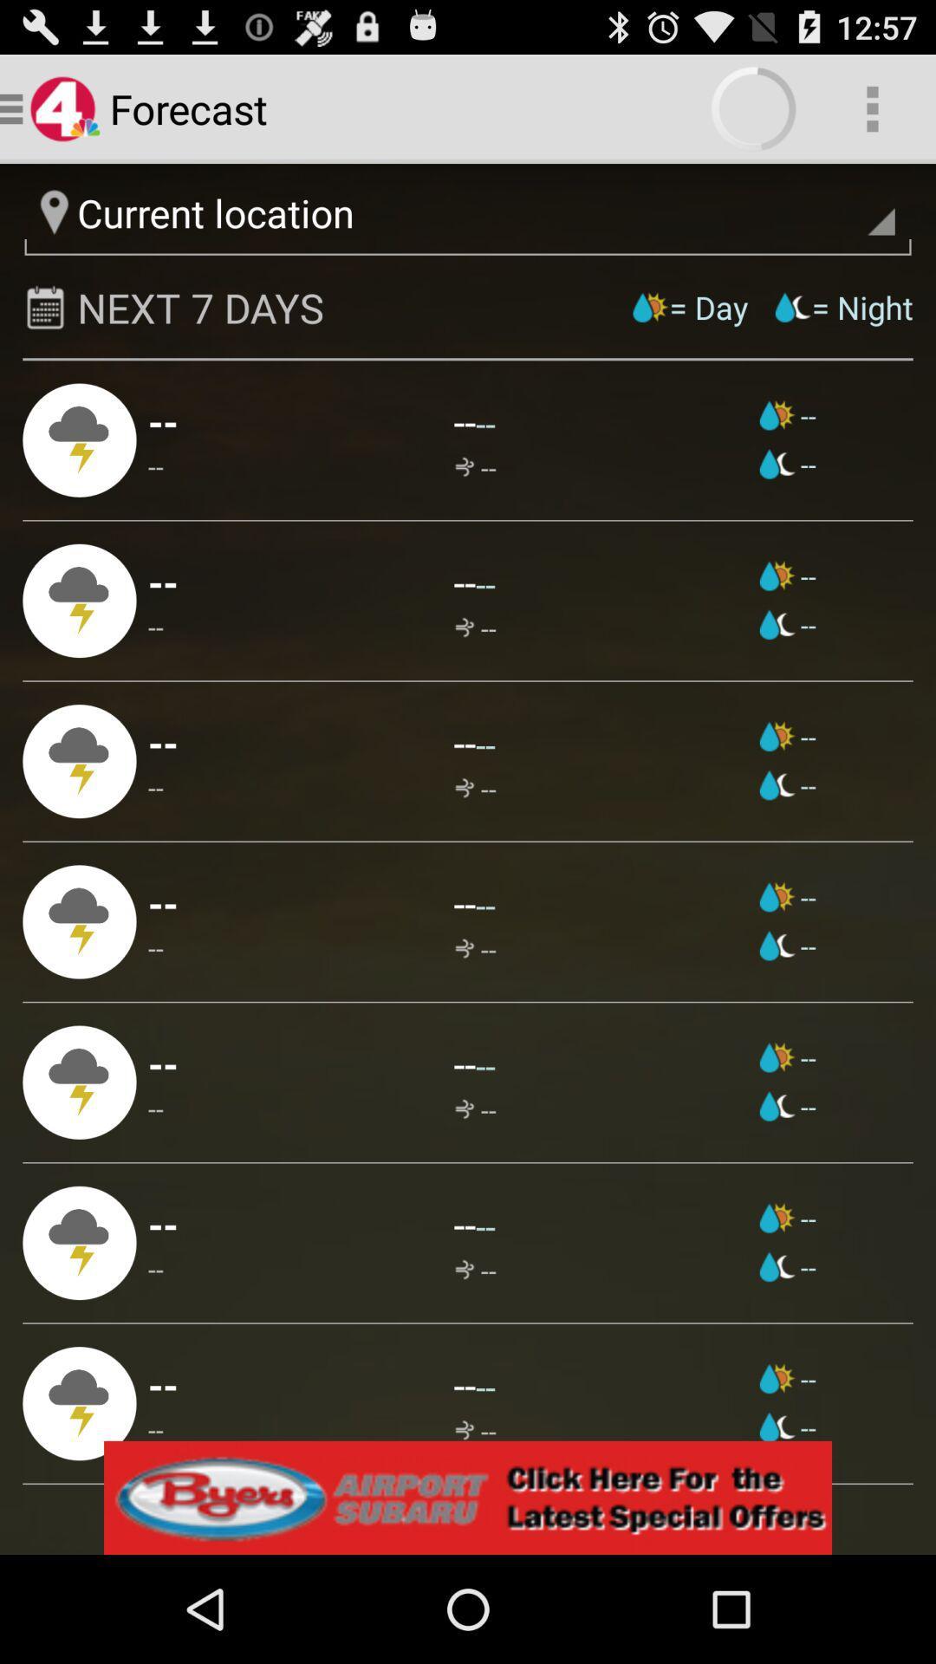 The width and height of the screenshot is (936, 1664). What do you see at coordinates (163, 1063) in the screenshot?
I see `the icon below the -- app` at bounding box center [163, 1063].